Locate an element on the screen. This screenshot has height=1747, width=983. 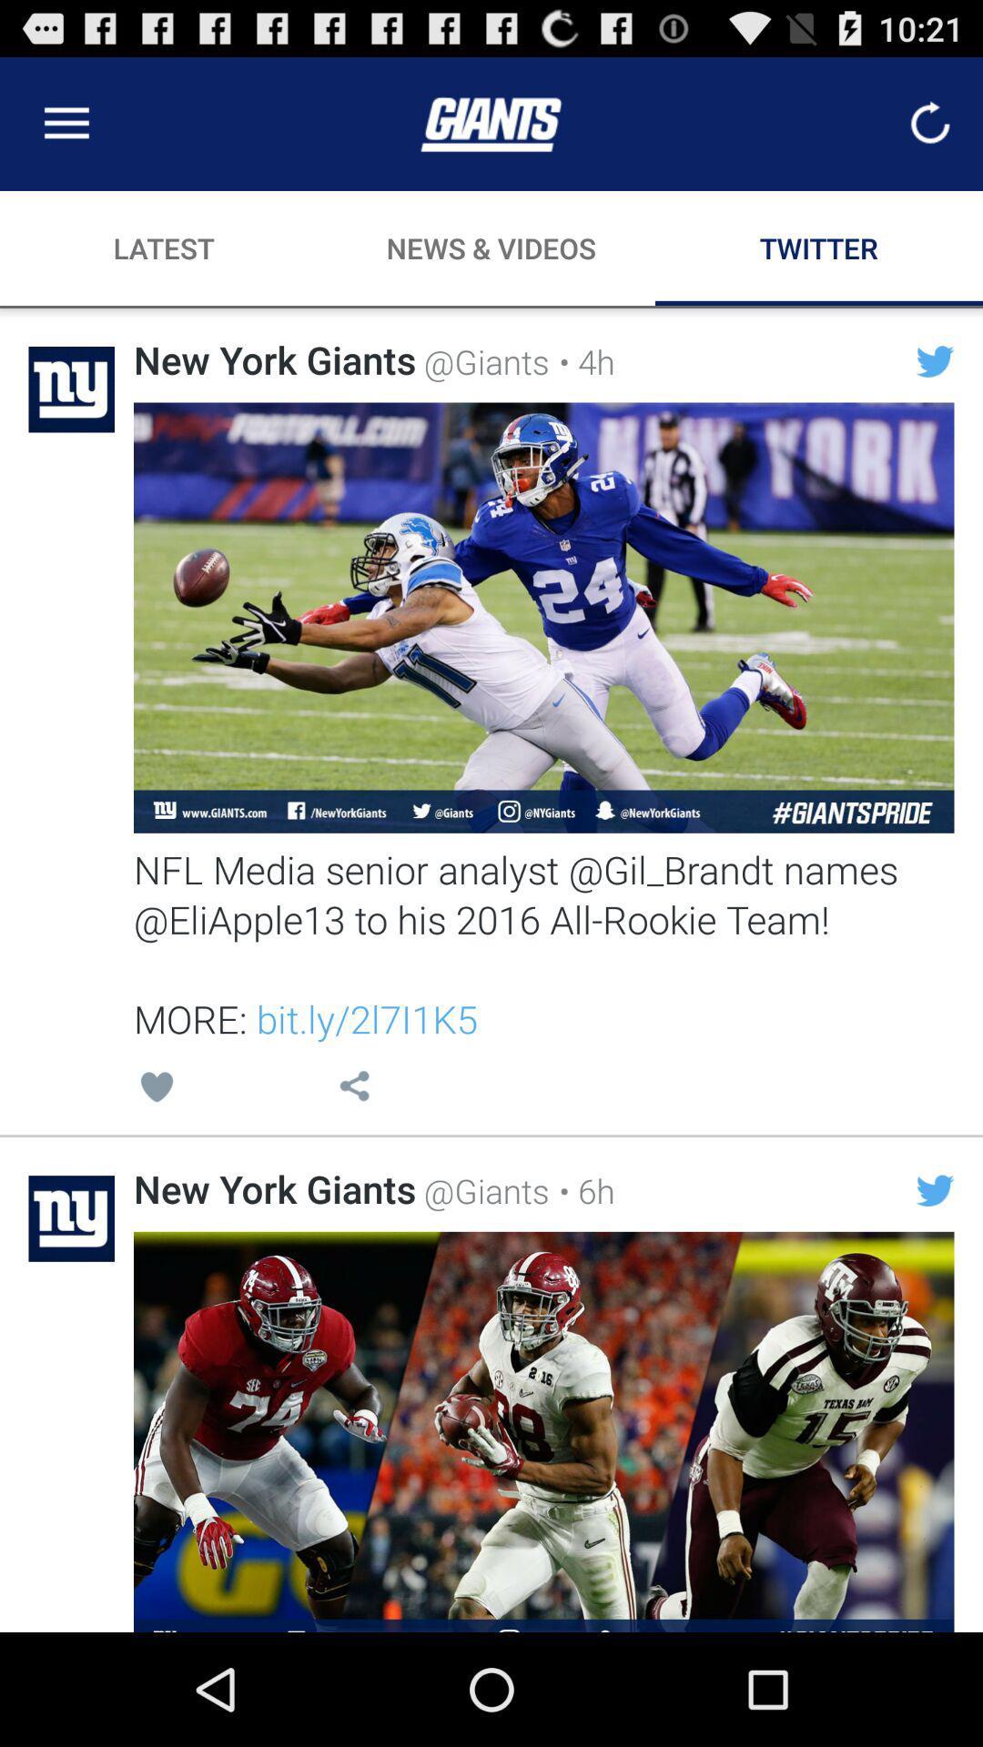
icon below nfl media senior icon is located at coordinates (582, 1190).